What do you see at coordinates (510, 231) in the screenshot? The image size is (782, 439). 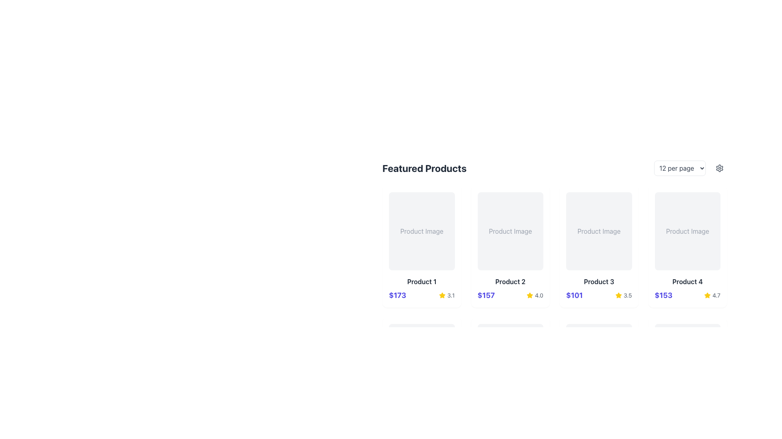 I see `the 'Product Image' text label, which is styled in light gray and located in the center of the placeholder image area within the second product card labeled 'Product 2'` at bounding box center [510, 231].